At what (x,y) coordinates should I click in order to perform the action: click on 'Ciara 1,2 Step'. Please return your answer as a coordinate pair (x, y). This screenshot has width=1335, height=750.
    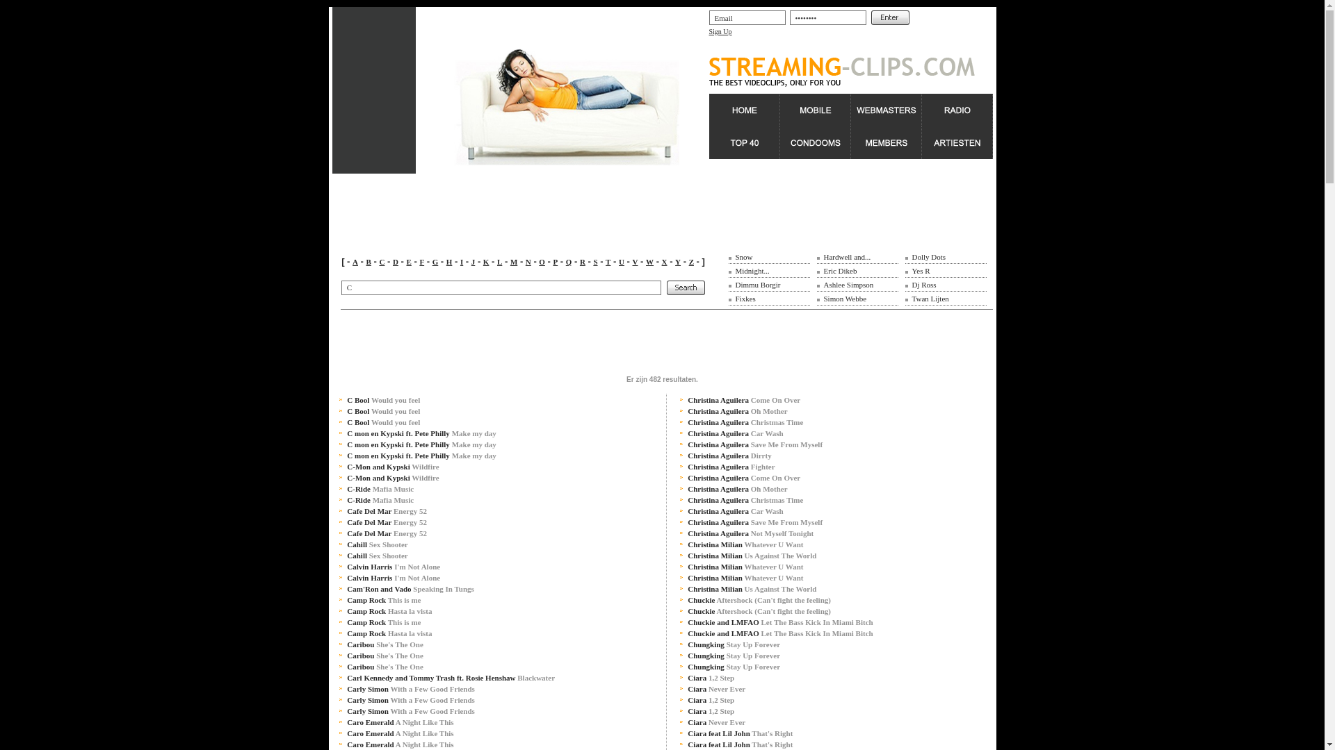
    Looking at the image, I should click on (711, 710).